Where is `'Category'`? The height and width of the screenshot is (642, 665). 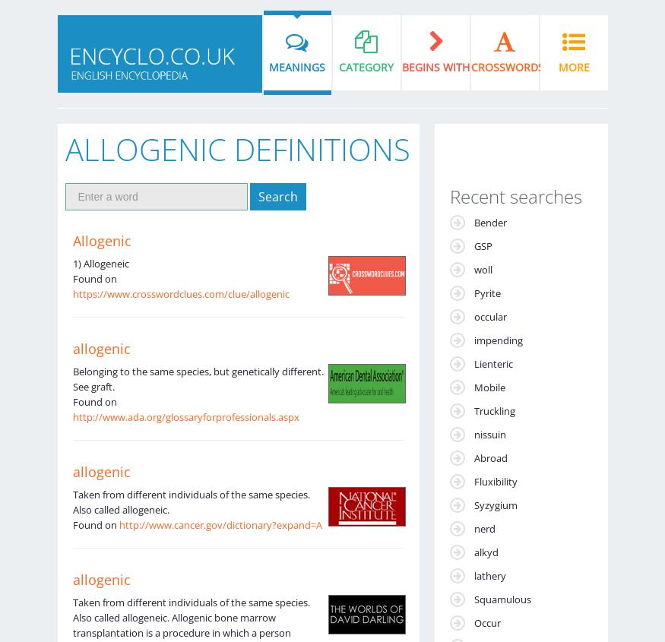
'Category' is located at coordinates (366, 67).